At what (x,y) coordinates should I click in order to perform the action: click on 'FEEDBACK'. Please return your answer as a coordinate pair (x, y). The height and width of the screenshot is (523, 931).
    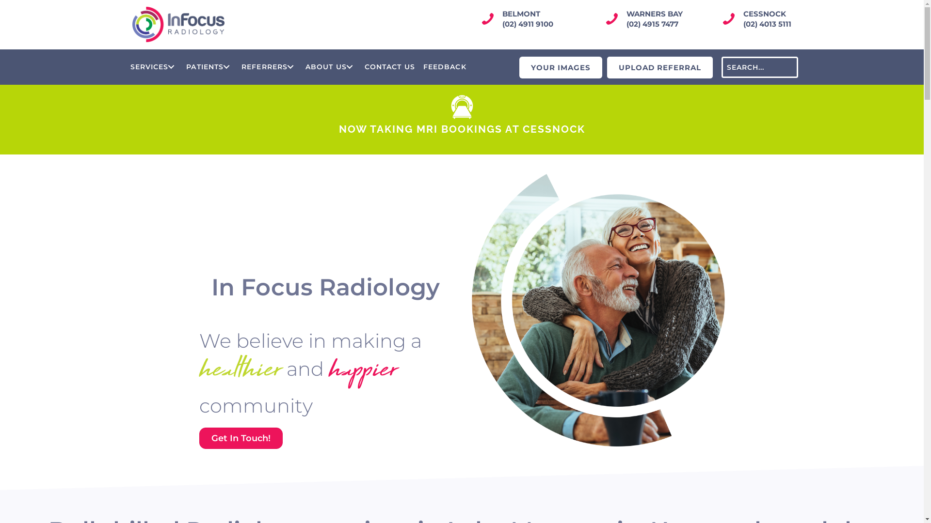
    Looking at the image, I should click on (444, 66).